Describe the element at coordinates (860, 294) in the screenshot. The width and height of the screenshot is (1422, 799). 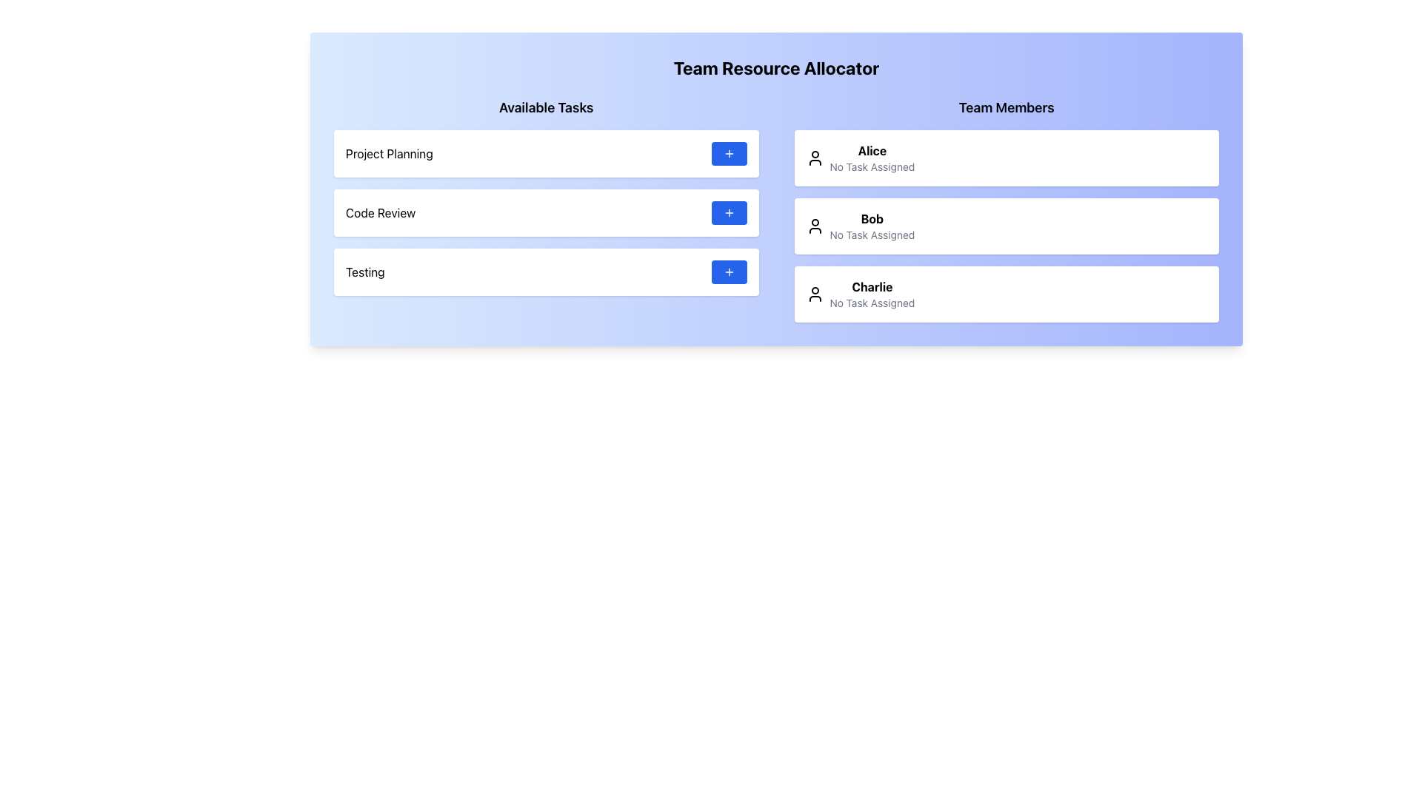
I see `the name 'Charlie' in the User Card` at that location.